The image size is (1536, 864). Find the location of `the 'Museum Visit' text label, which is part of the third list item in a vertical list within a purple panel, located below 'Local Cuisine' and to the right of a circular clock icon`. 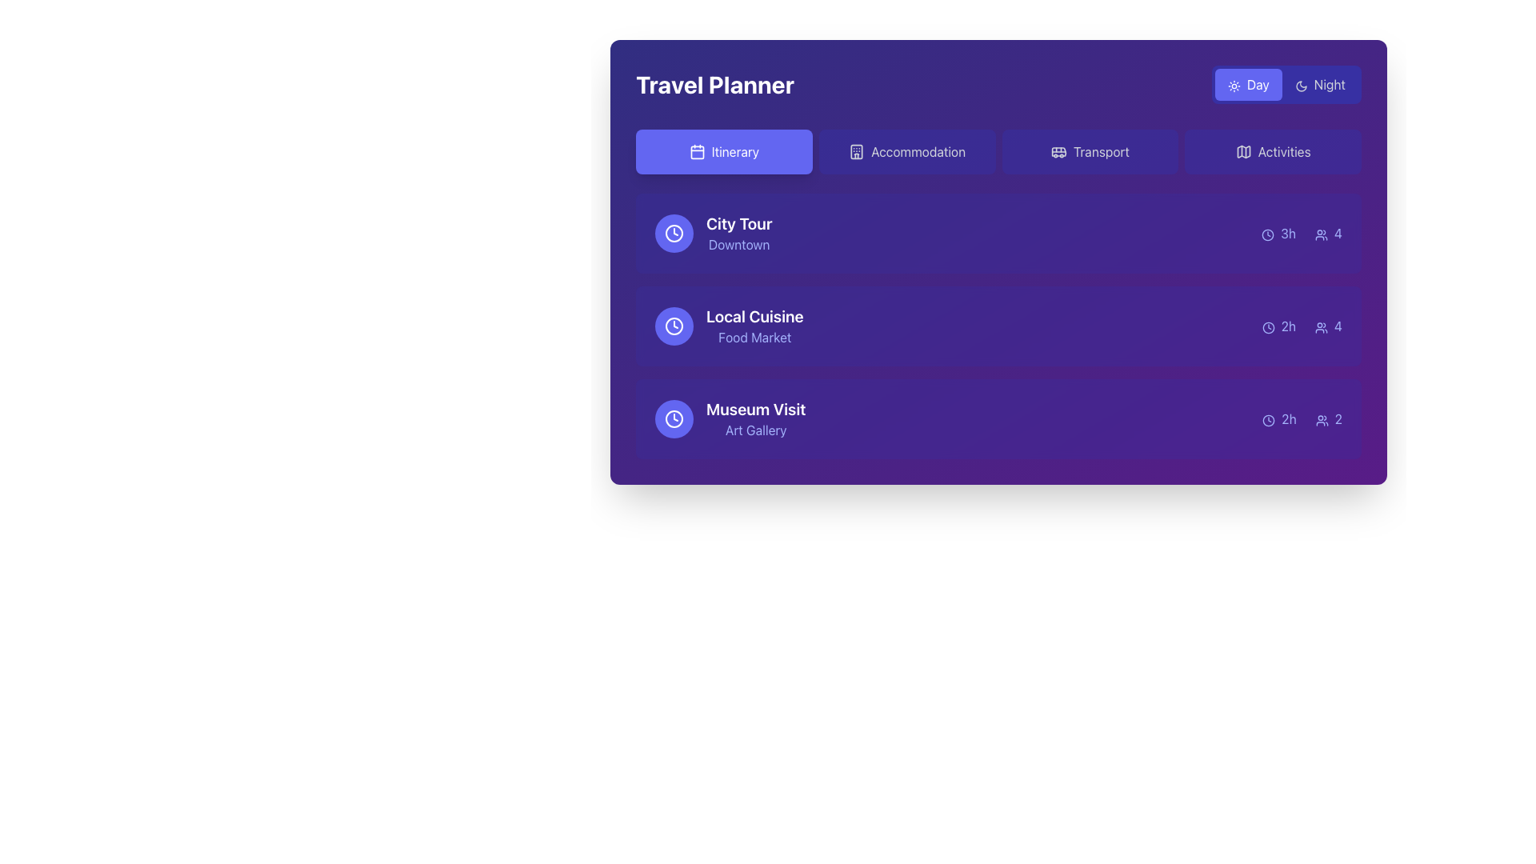

the 'Museum Visit' text label, which is part of the third list item in a vertical list within a purple panel, located below 'Local Cuisine' and to the right of a circular clock icon is located at coordinates (755, 418).